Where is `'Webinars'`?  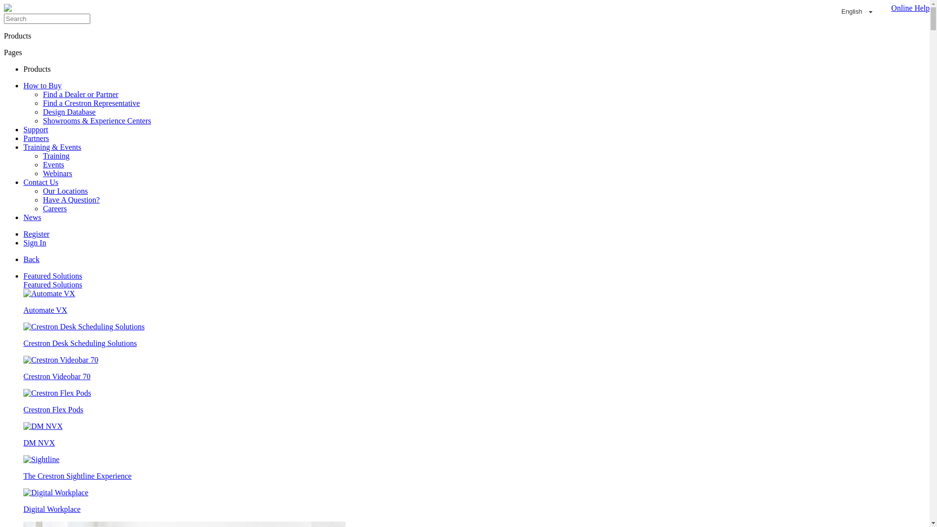
'Webinars' is located at coordinates (57, 173).